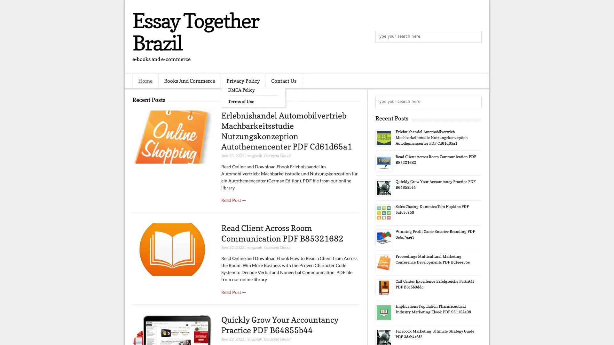 Image resolution: width=614 pixels, height=345 pixels. I want to click on Search, so click(475, 102).